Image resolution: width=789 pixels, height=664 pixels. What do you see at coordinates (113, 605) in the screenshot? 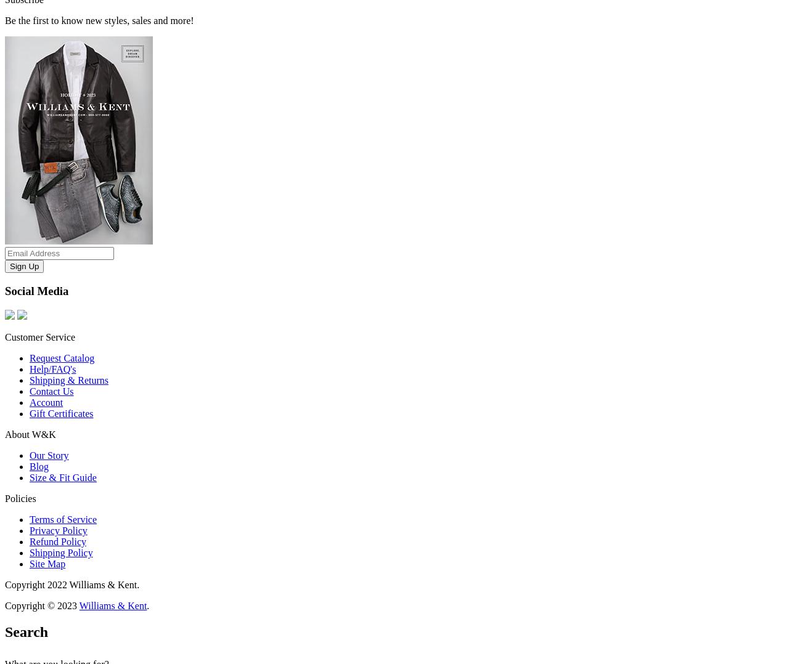
I see `'Williams & Kent'` at bounding box center [113, 605].